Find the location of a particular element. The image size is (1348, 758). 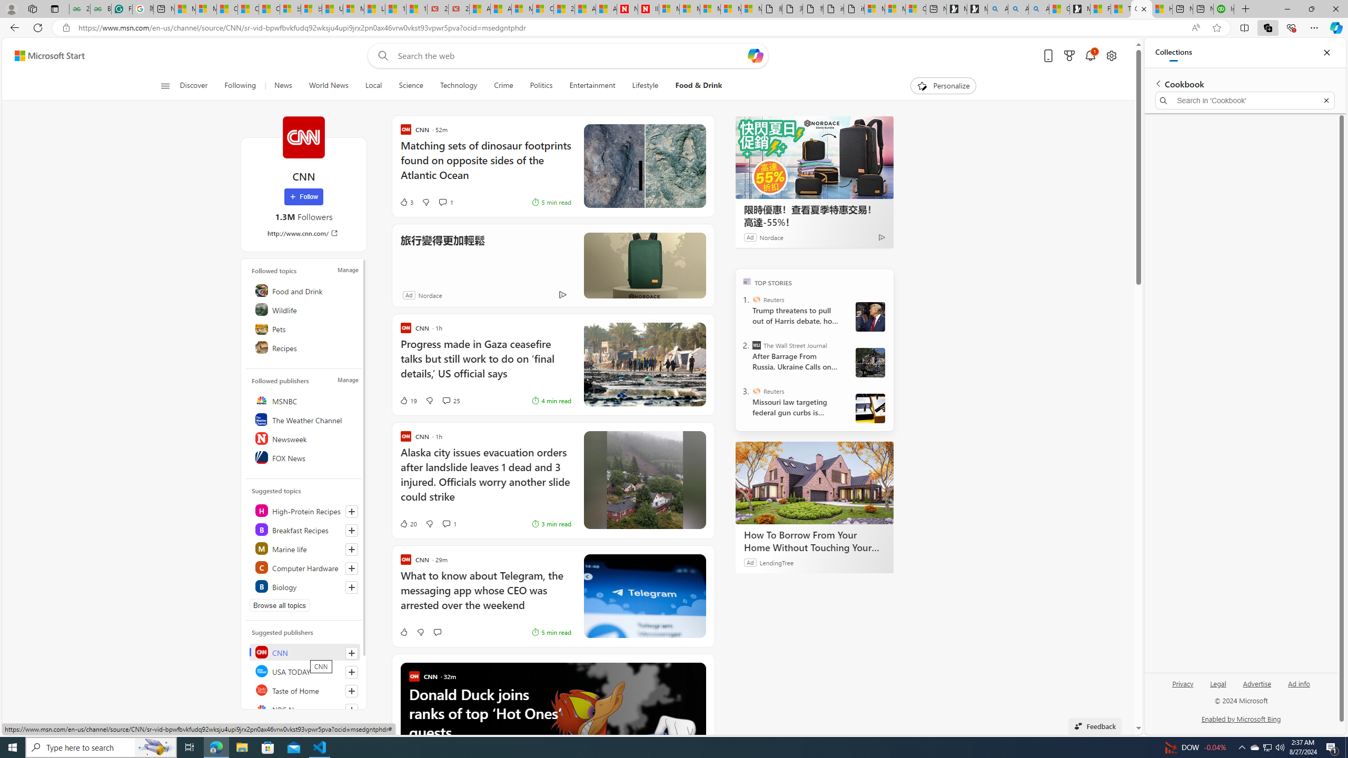

'Entertainment' is located at coordinates (592, 85).